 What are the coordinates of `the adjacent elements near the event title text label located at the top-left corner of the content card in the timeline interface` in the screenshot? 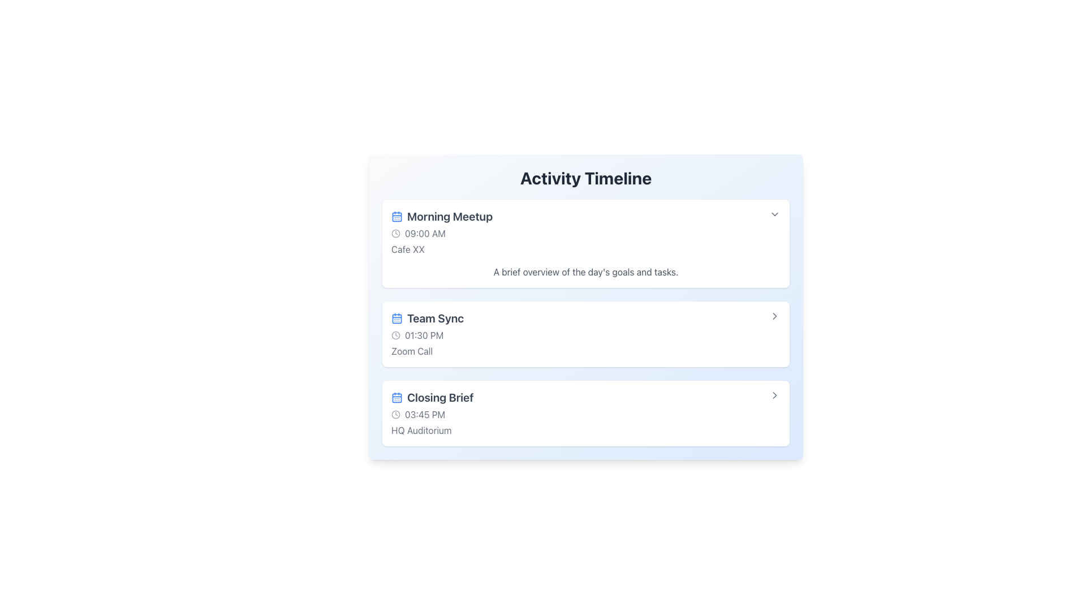 It's located at (441, 216).